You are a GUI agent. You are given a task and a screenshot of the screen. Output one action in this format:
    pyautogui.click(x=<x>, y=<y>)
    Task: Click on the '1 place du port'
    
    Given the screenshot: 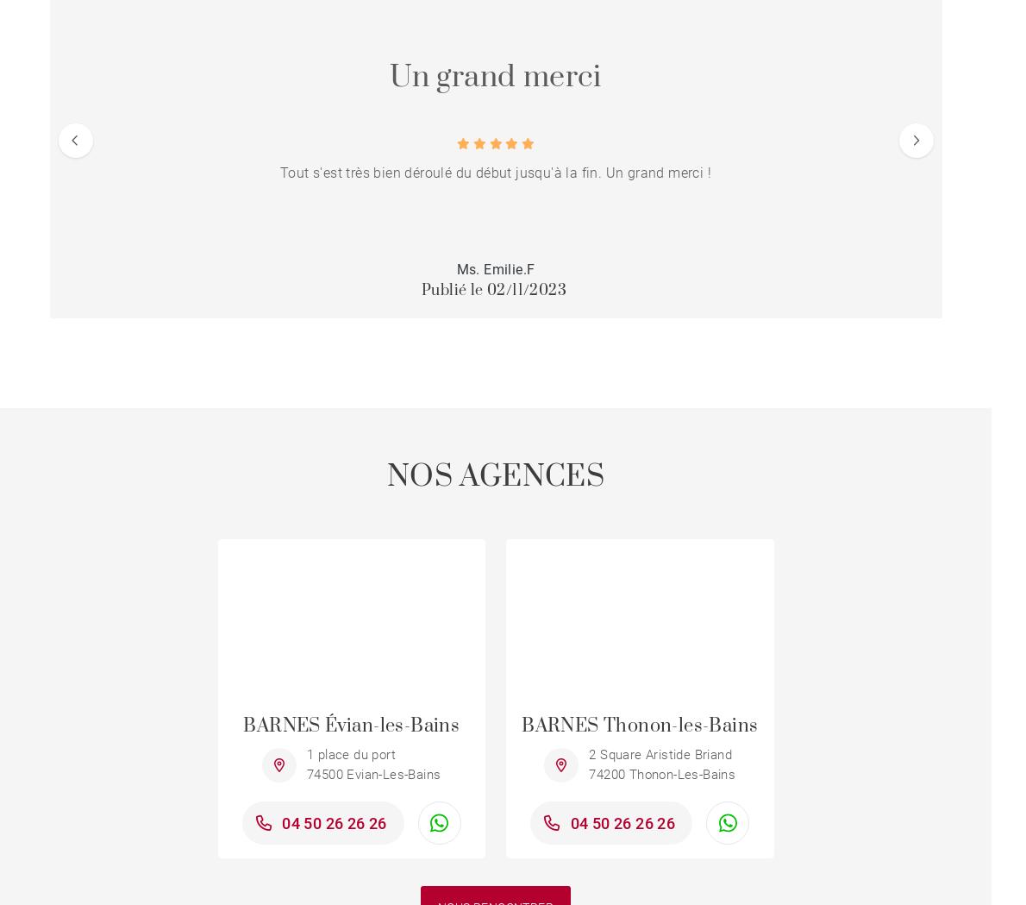 What is the action you would take?
    pyautogui.click(x=351, y=754)
    